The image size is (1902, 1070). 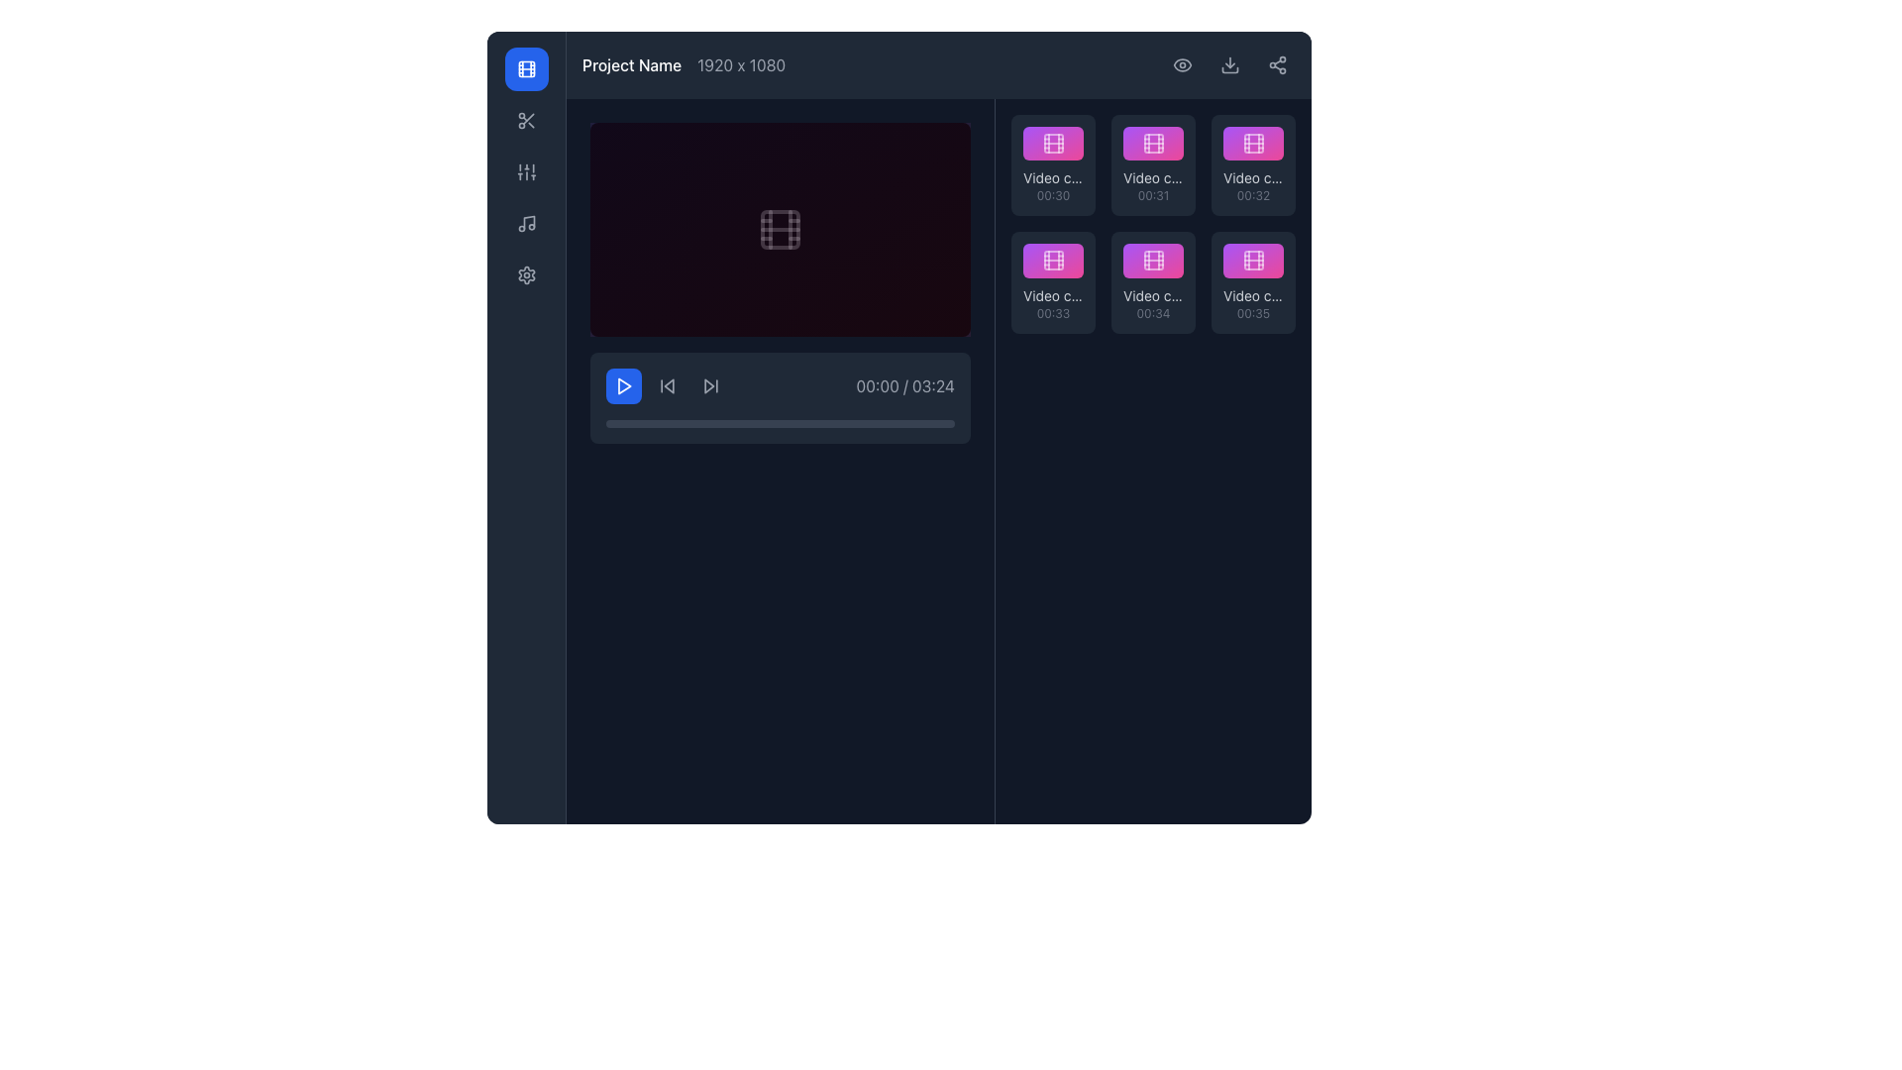 What do you see at coordinates (623, 385) in the screenshot?
I see `the play button icon, which is a small white triangular shape inside a rounded square blue button` at bounding box center [623, 385].